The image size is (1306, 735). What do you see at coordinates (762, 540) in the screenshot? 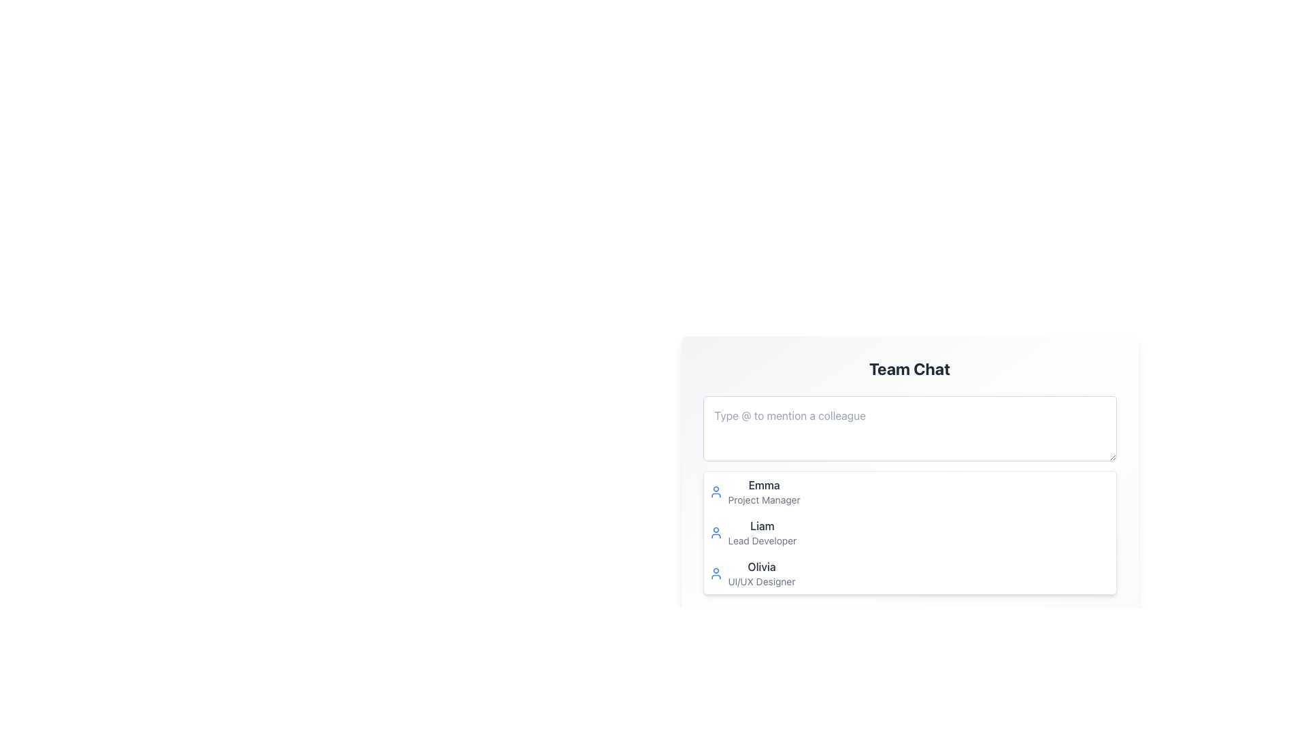
I see `the 'Lead Developer' label, which is a smaller light gray text positioned below the bold 'Liam' text in the user list section under 'Team Chat'` at bounding box center [762, 540].